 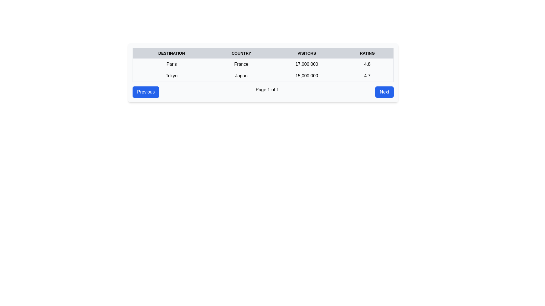 I want to click on the Static Text element displaying 'Japan' in the table under the 'Country' column, which is located in the second row adjacent to '15,000,000' under 'Visitors', so click(x=241, y=75).